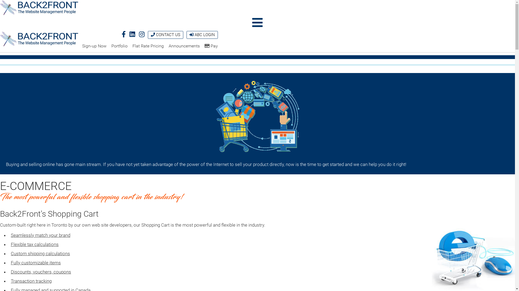 Image resolution: width=519 pixels, height=291 pixels. What do you see at coordinates (148, 46) in the screenshot?
I see `'Flat Rate Pricing'` at bounding box center [148, 46].